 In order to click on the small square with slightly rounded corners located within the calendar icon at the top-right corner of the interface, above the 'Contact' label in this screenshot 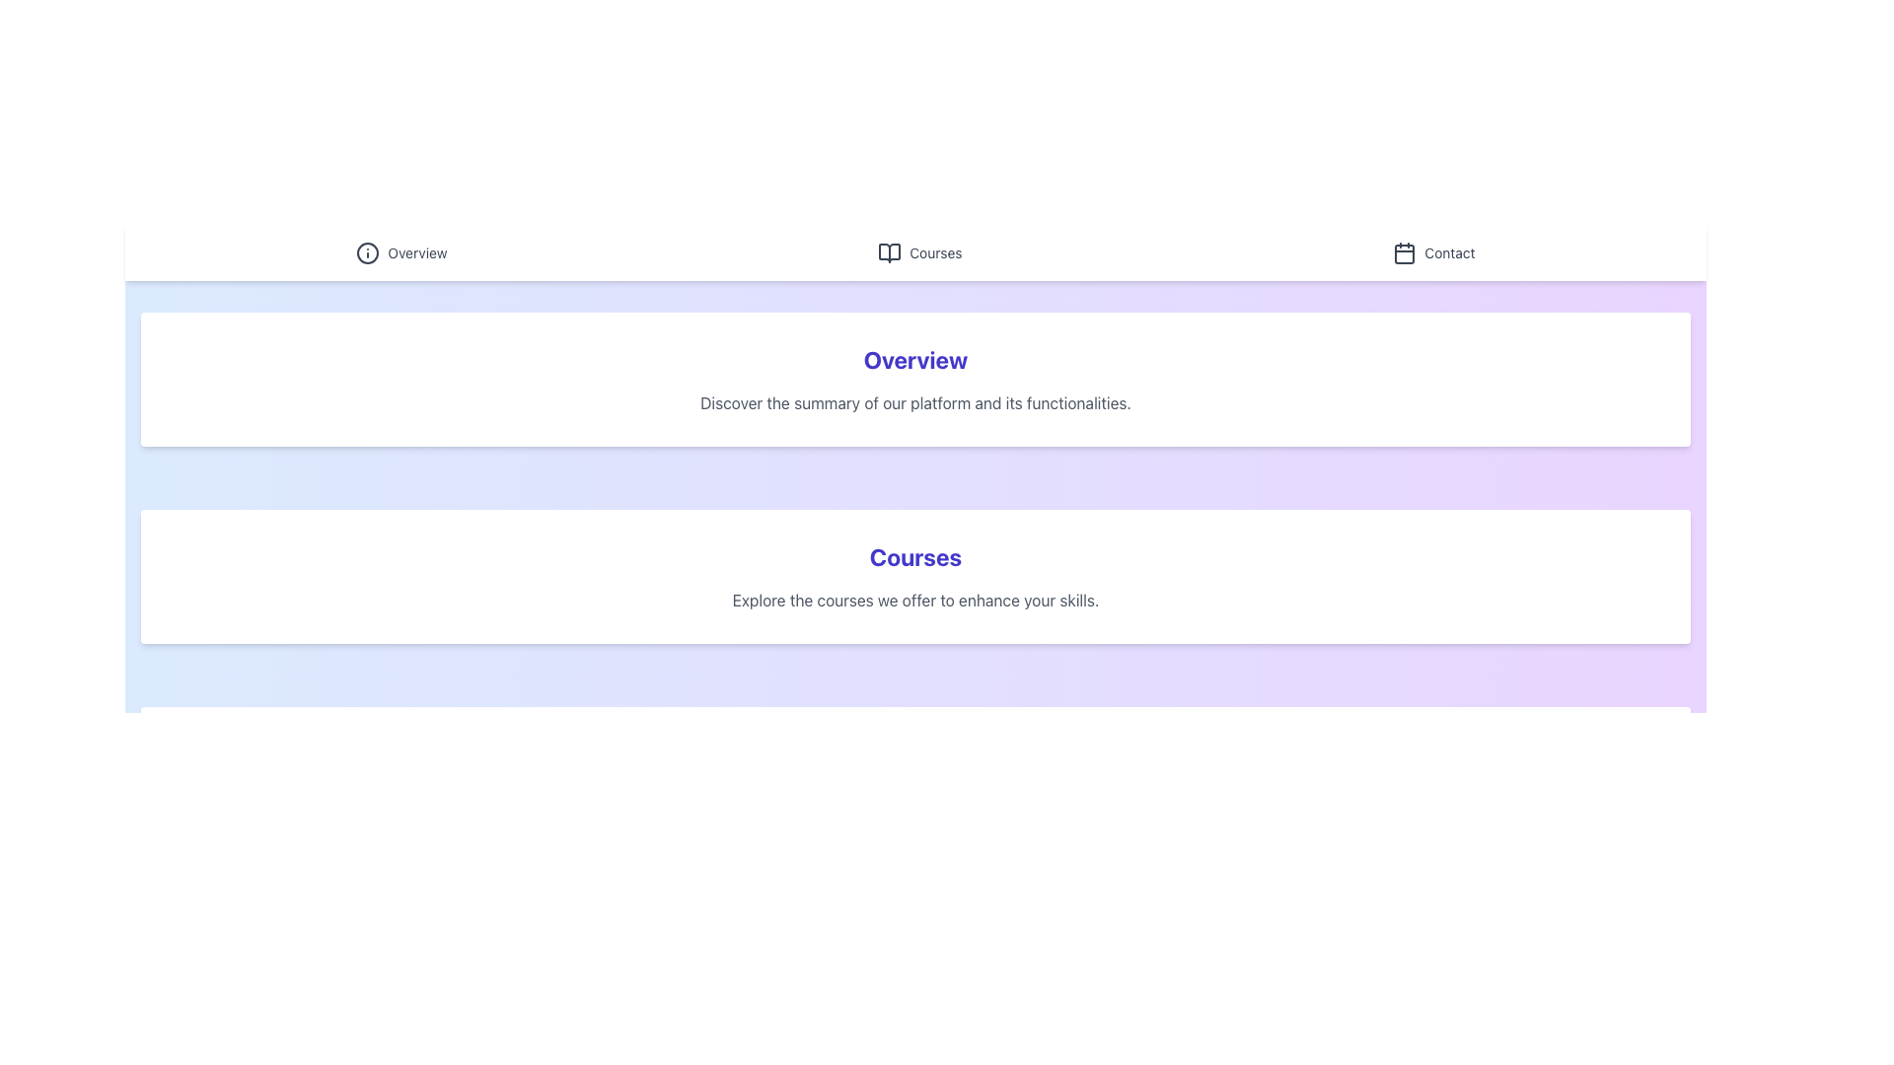, I will do `click(1404, 253)`.